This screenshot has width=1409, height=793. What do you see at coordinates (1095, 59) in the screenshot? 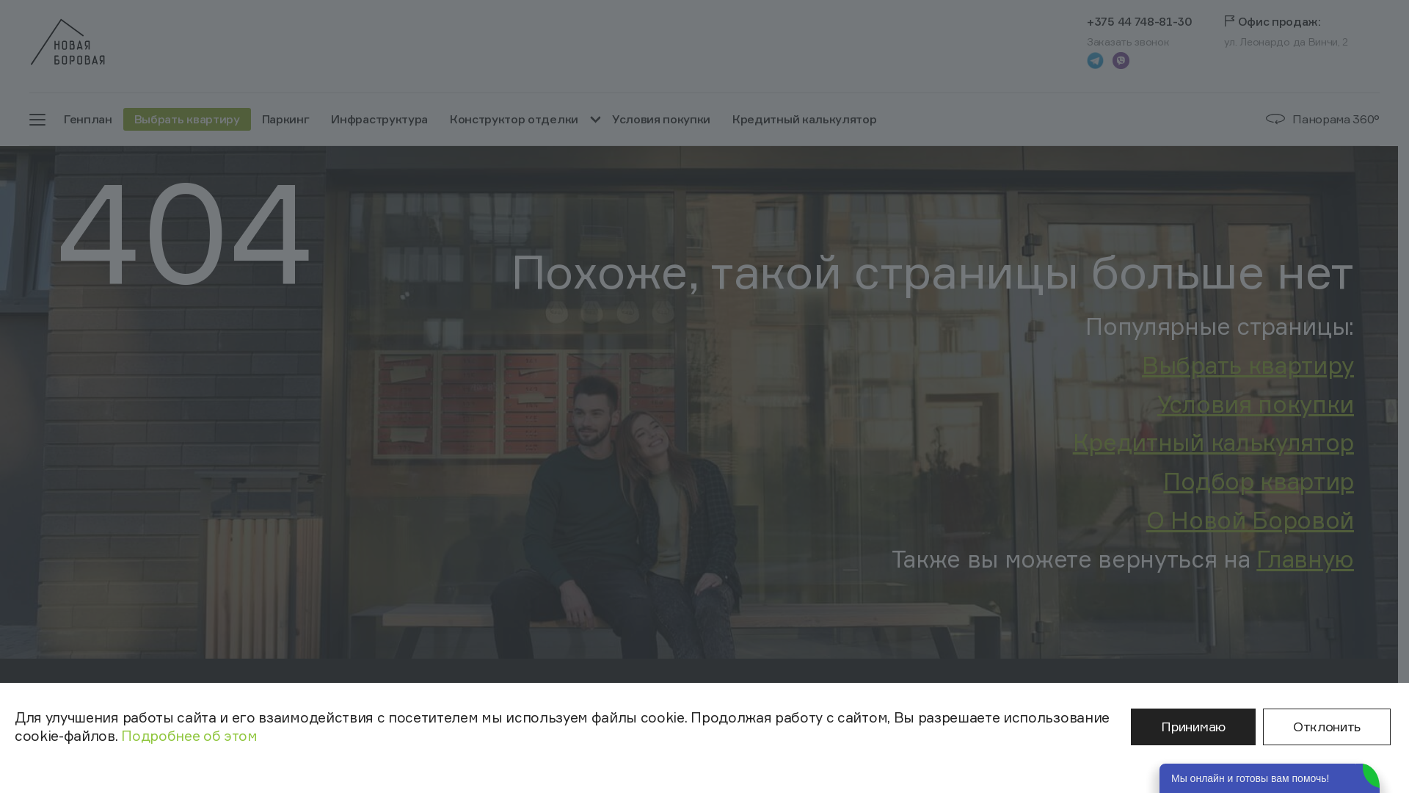
I see `'telegram'` at bounding box center [1095, 59].